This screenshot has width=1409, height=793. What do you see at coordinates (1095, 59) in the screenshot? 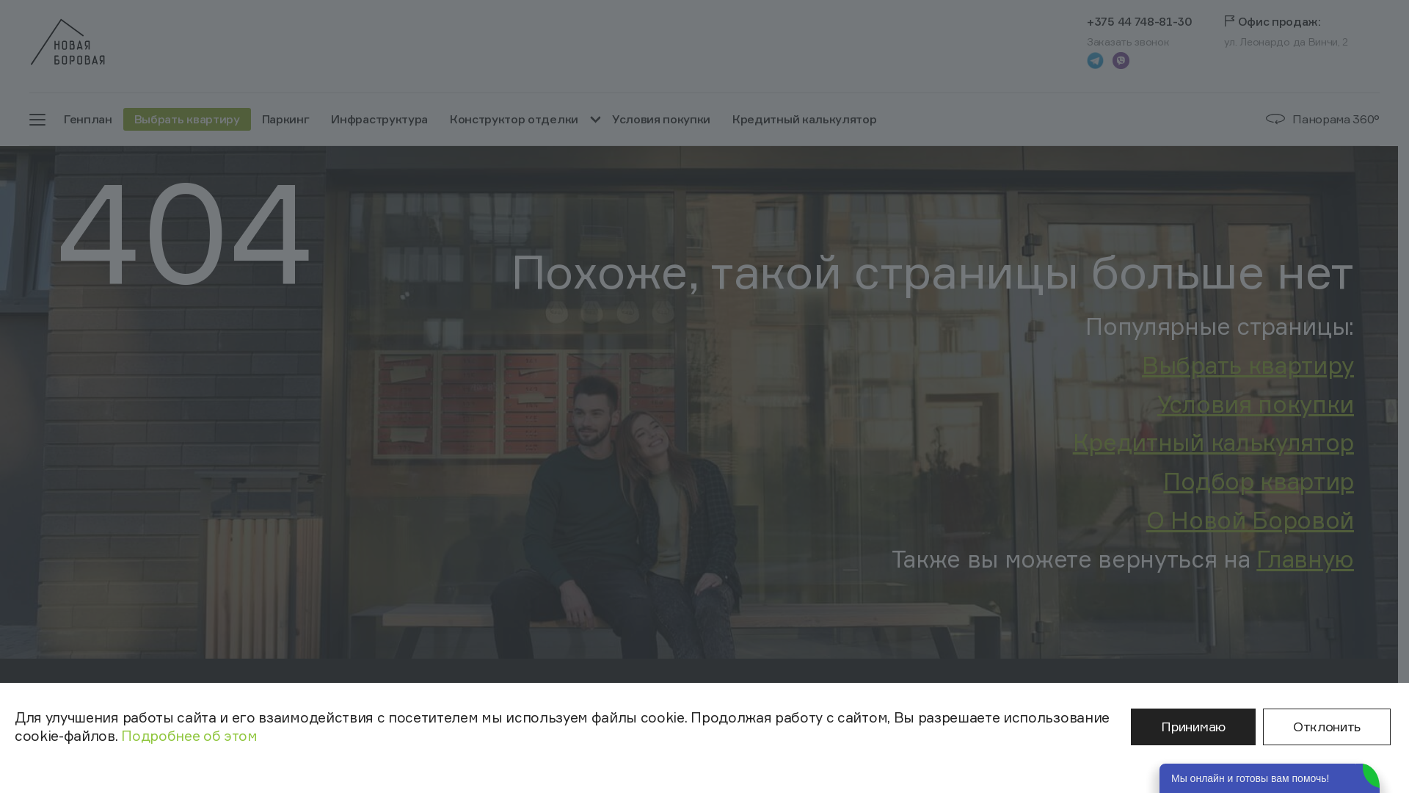
I see `'telegram'` at bounding box center [1095, 59].